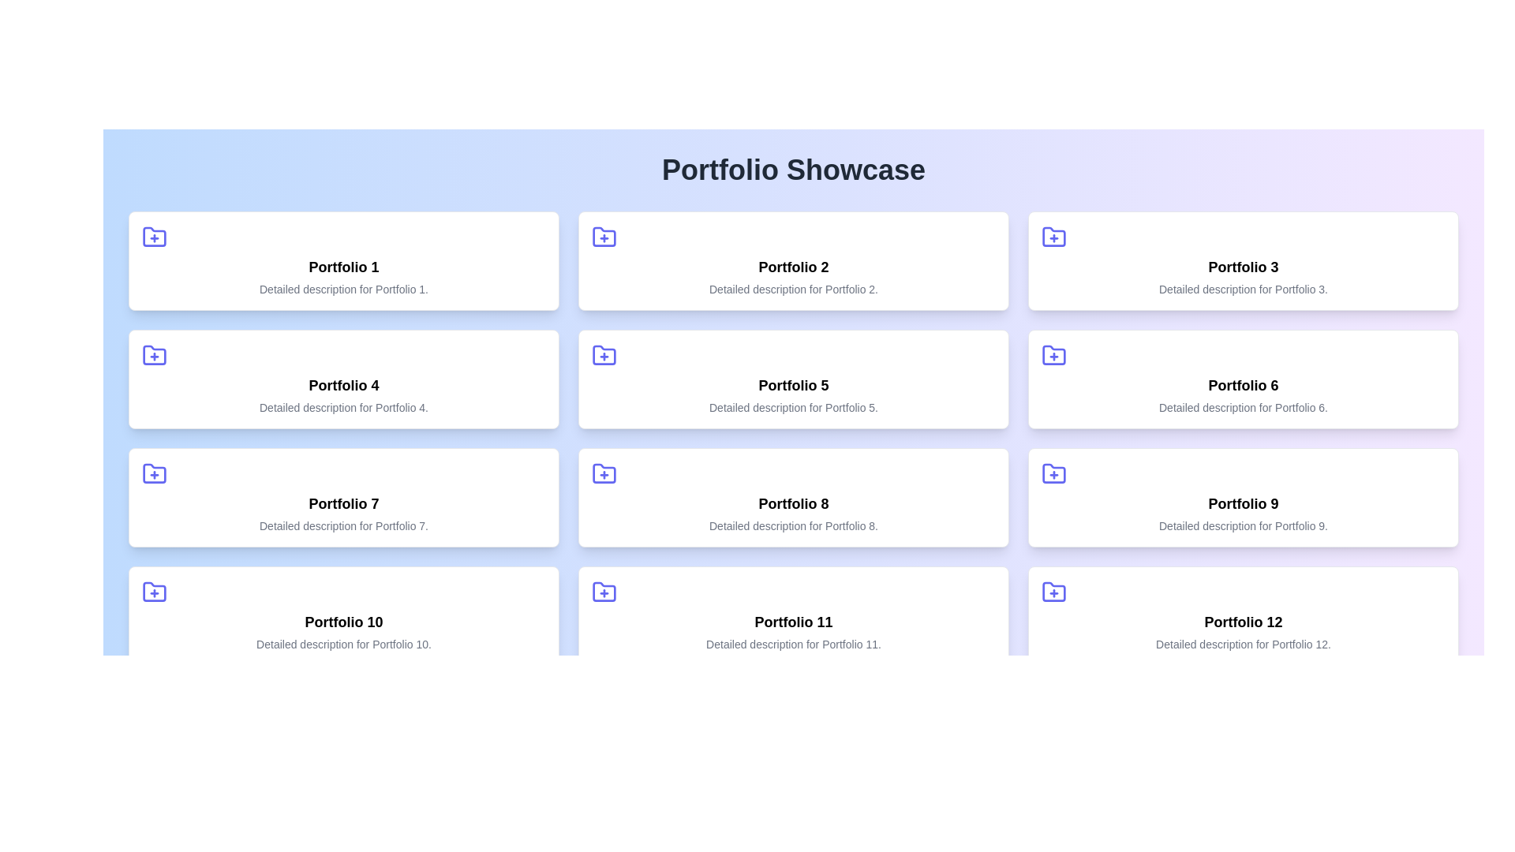 The image size is (1515, 852). I want to click on the blue folder icon with a plus sign located in the upper-left corner of the 'Portfolio 10' card, so click(155, 592).